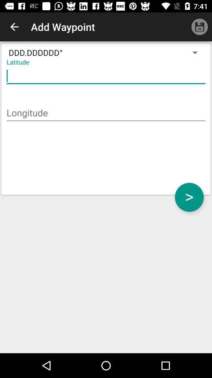 Image resolution: width=212 pixels, height=378 pixels. I want to click on the arrow_forward icon, so click(189, 197).